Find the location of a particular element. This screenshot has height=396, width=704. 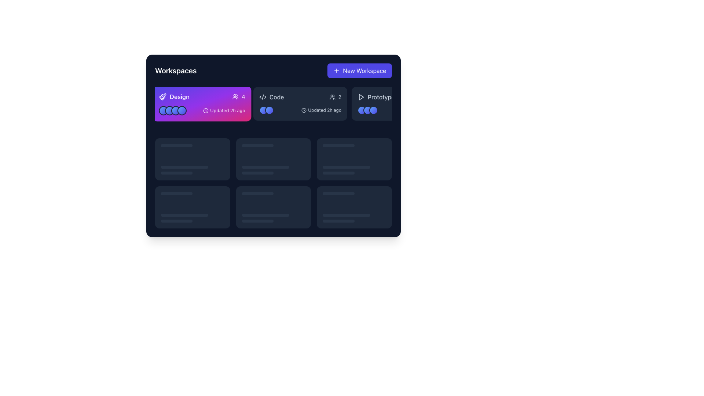

the 'New Workspace' button located at the top-right corner of the workspace interface is located at coordinates (364, 70).